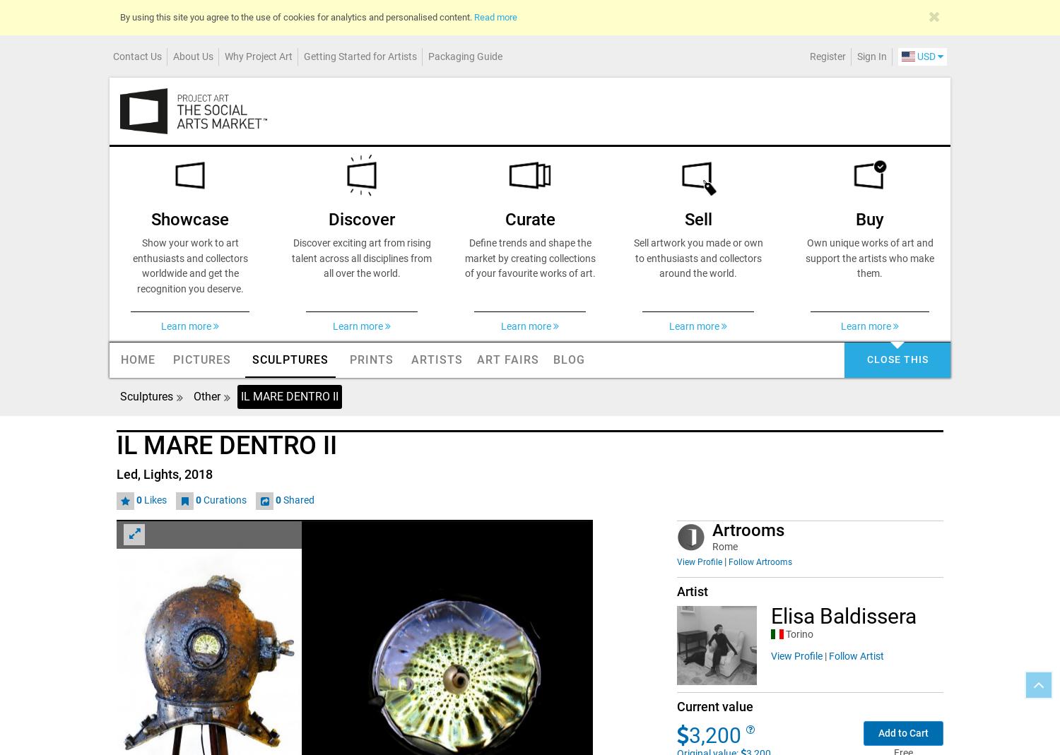 The width and height of the screenshot is (1060, 755). What do you see at coordinates (748, 531) in the screenshot?
I see `'Artrooms'` at bounding box center [748, 531].